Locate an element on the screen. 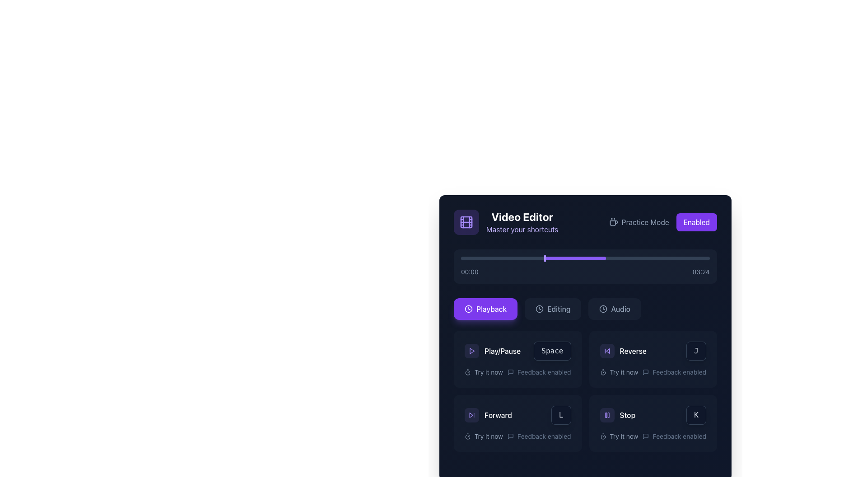 This screenshot has height=488, width=867. the 'Try it now' label, which is styled in a light font on a dark background, located in the bottom-right quadrant of the interface, under the 'Stop' button is located at coordinates (623, 436).